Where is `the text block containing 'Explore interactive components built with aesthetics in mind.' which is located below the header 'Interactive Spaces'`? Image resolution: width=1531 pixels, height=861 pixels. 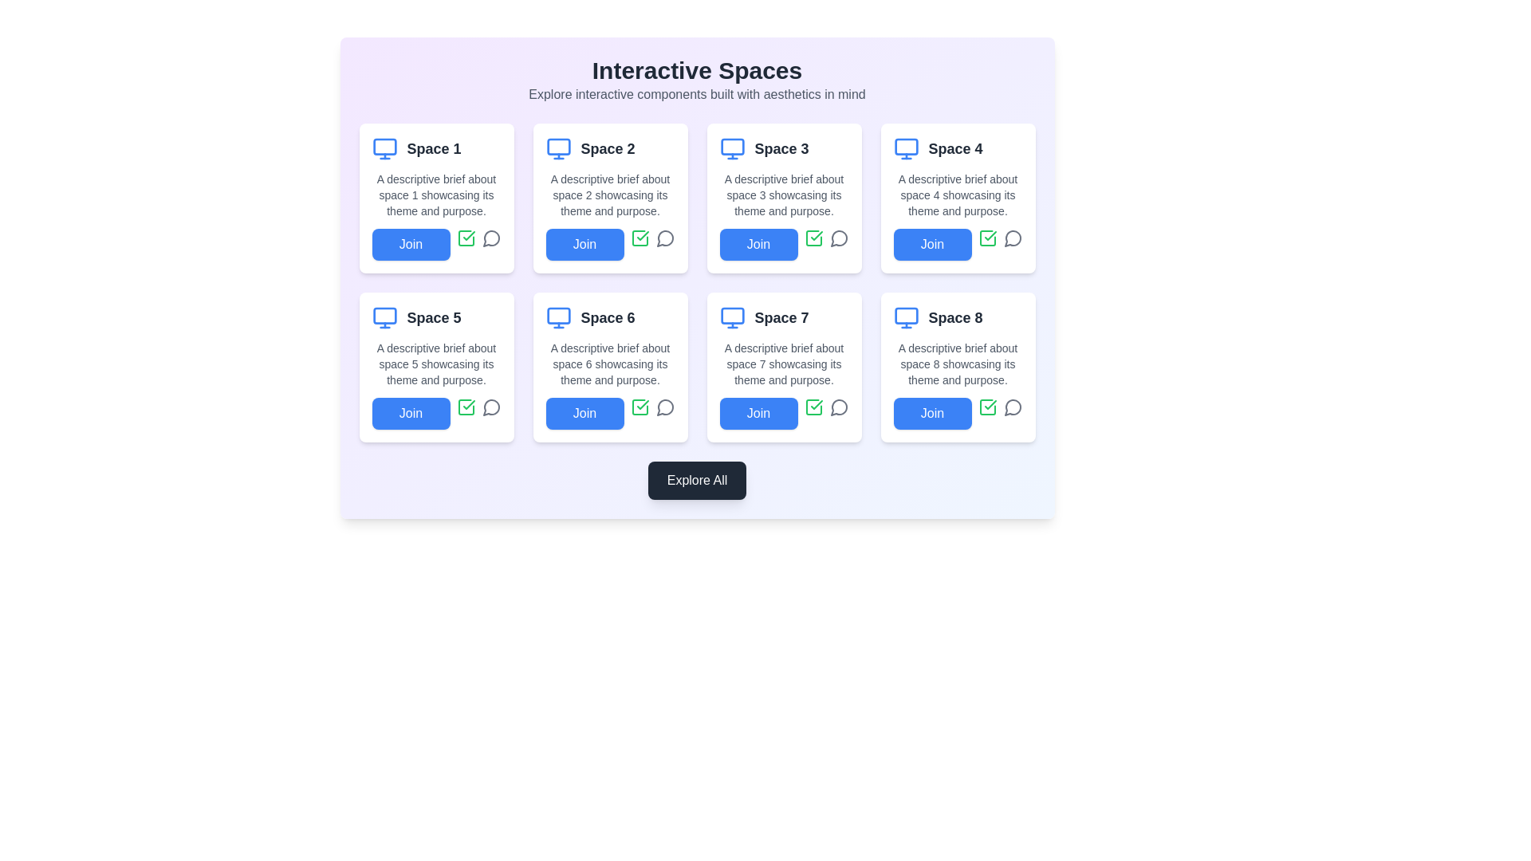 the text block containing 'Explore interactive components built with aesthetics in mind.' which is located below the header 'Interactive Spaces' is located at coordinates (697, 95).